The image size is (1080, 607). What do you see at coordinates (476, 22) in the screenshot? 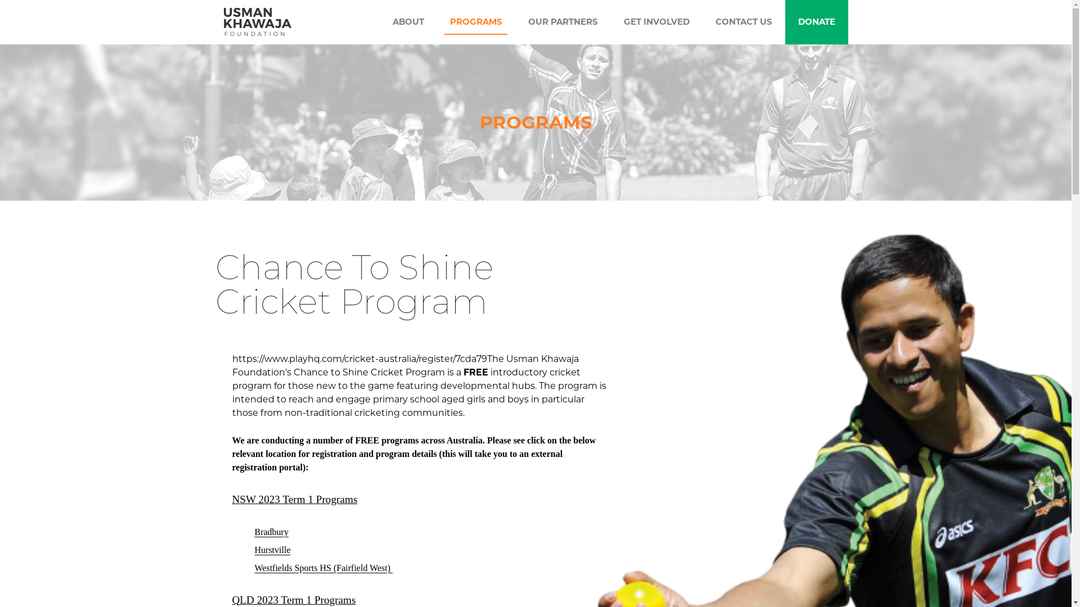
I see `'PROGRAMS'` at bounding box center [476, 22].